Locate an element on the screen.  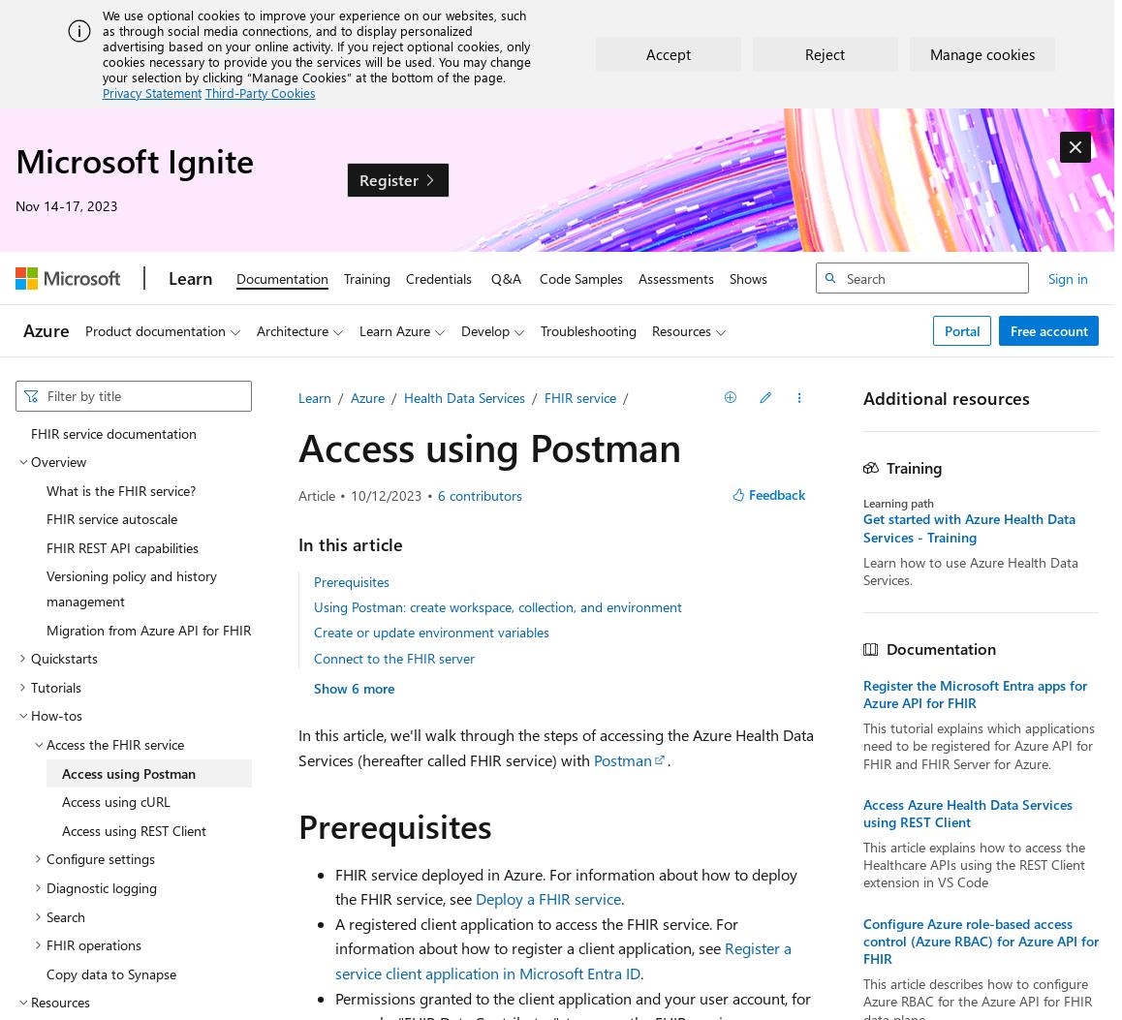
'6 contributors' is located at coordinates (478, 494).